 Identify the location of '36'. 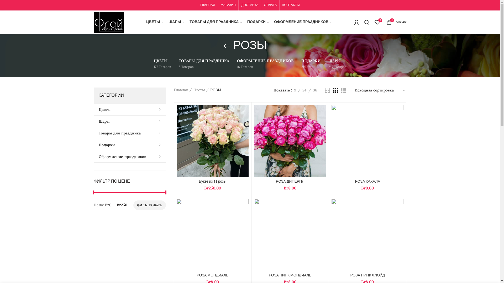
(315, 90).